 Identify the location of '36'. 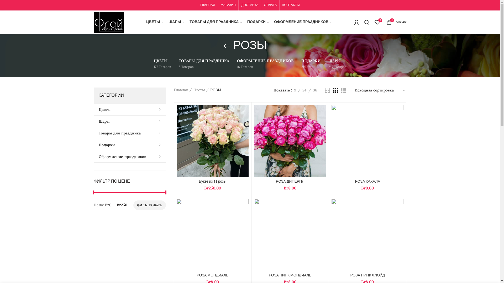
(315, 90).